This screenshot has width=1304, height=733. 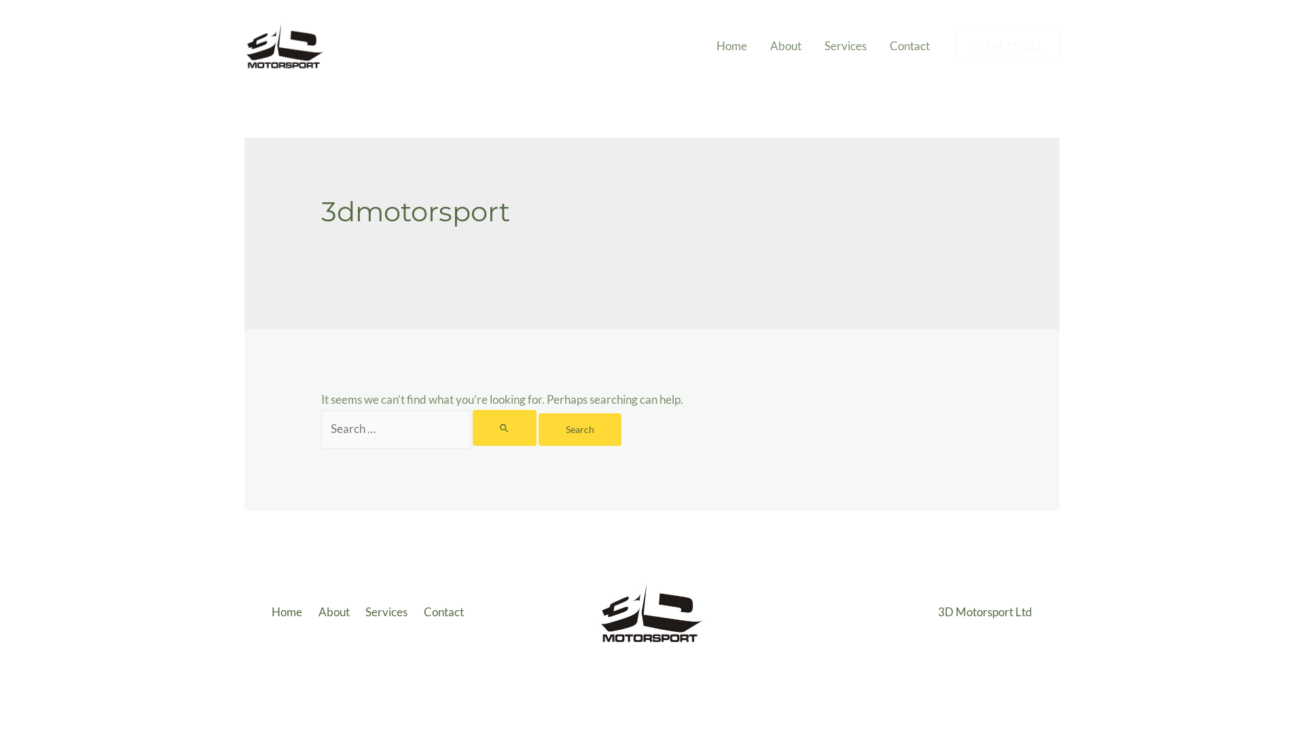 What do you see at coordinates (731, 45) in the screenshot?
I see `'Home'` at bounding box center [731, 45].